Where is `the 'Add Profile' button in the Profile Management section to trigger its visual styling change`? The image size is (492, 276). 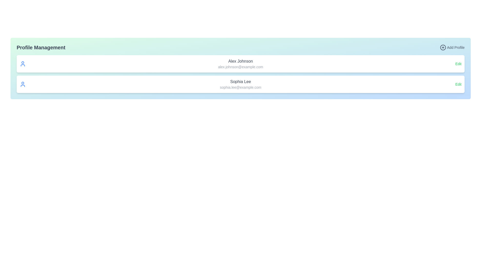
the 'Add Profile' button in the Profile Management section to trigger its visual styling change is located at coordinates (452, 47).